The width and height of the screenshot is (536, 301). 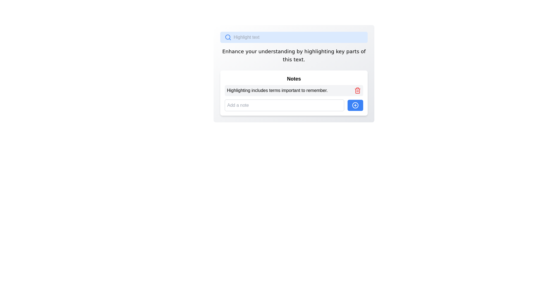 I want to click on the letter 't' in the word 'highlighting' which is styled in a sans-serif font and part of the phrase 'Enhance your understanding by highlighting key parts of this text.', so click(x=326, y=51).